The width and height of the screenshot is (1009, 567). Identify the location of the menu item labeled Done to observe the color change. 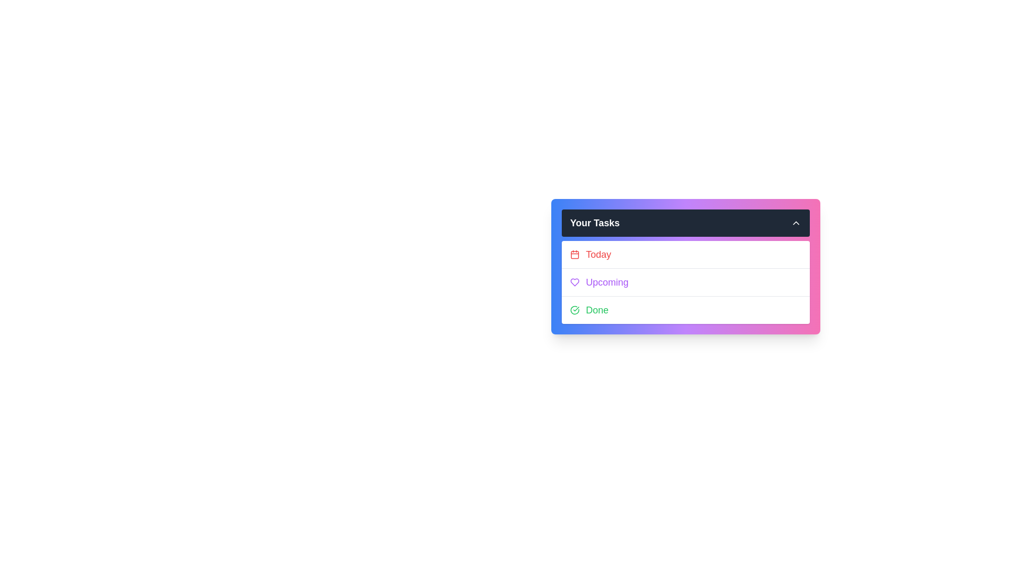
(686, 309).